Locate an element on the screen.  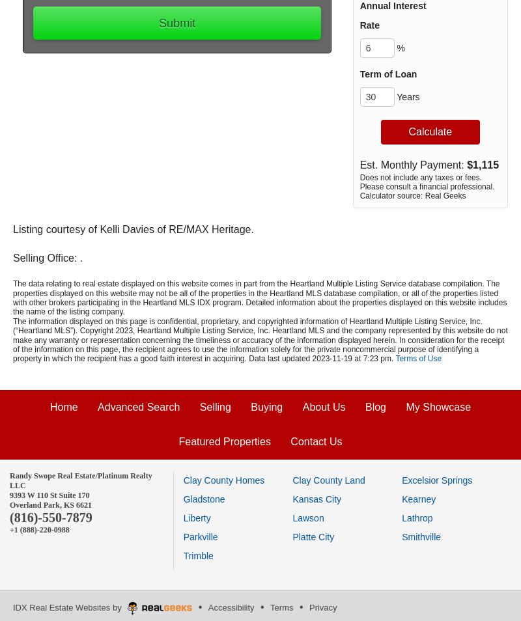
'.' is located at coordinates (393, 358).